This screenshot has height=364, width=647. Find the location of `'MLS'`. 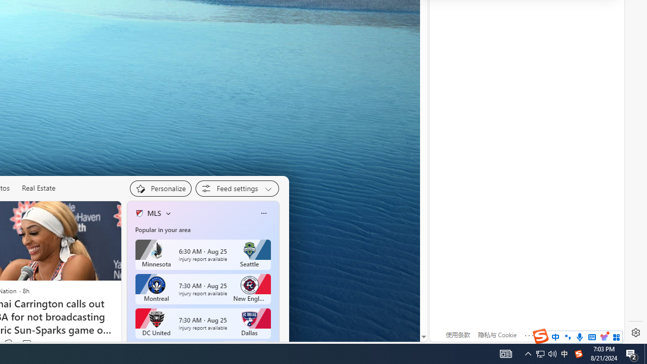

'MLS' is located at coordinates (153, 213).